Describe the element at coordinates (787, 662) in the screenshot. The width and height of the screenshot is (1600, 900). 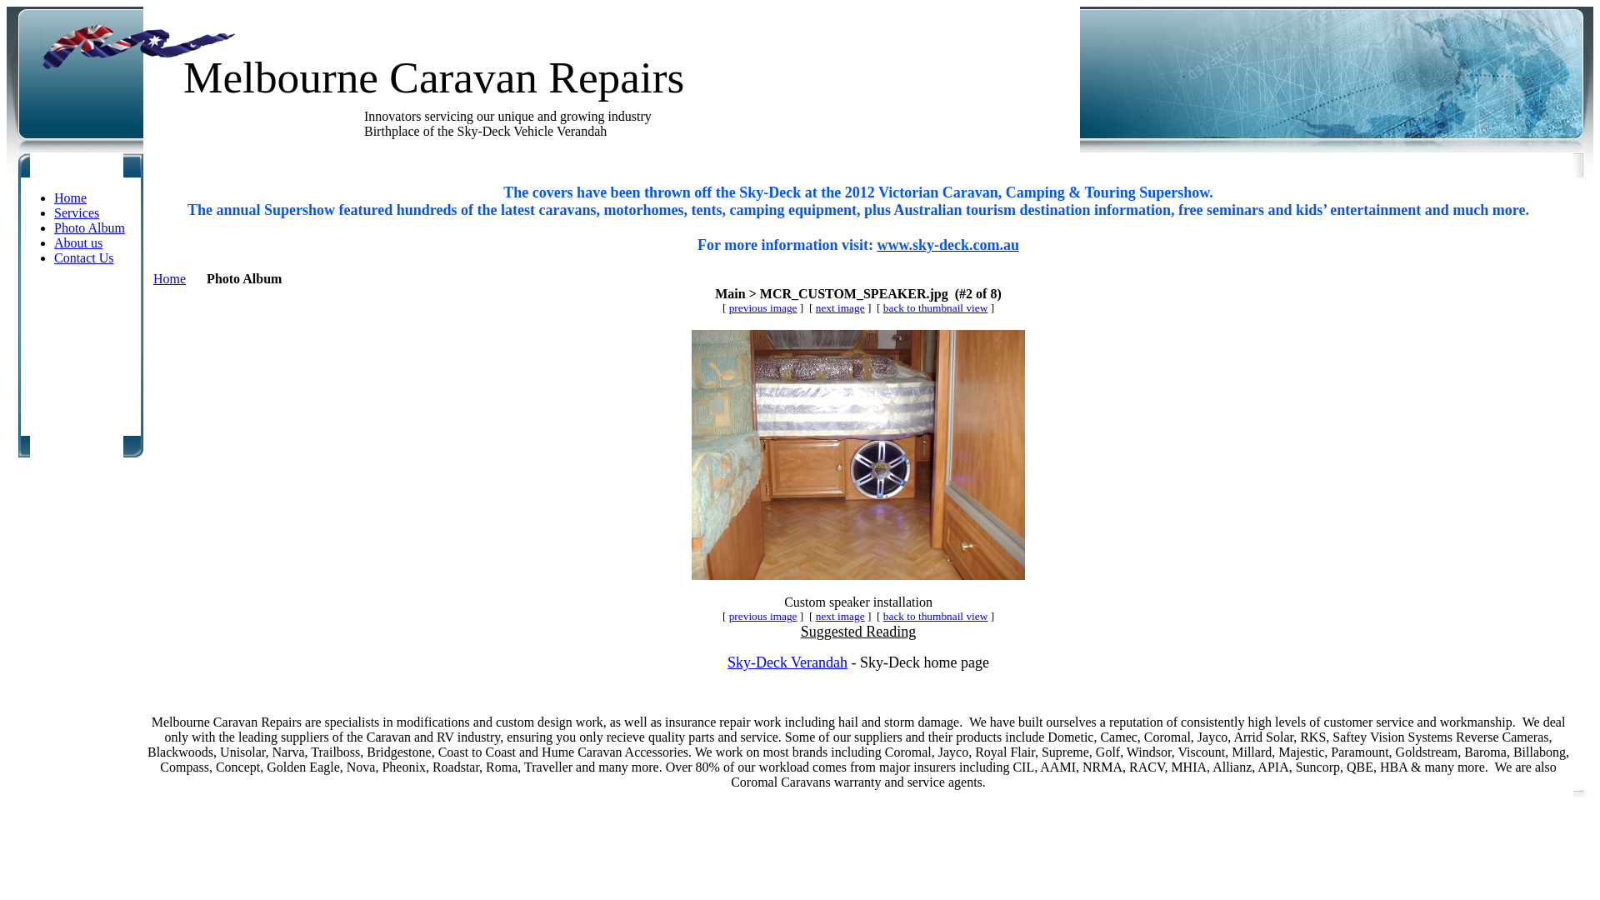
I see `'Sky-Deck Verandah'` at that location.